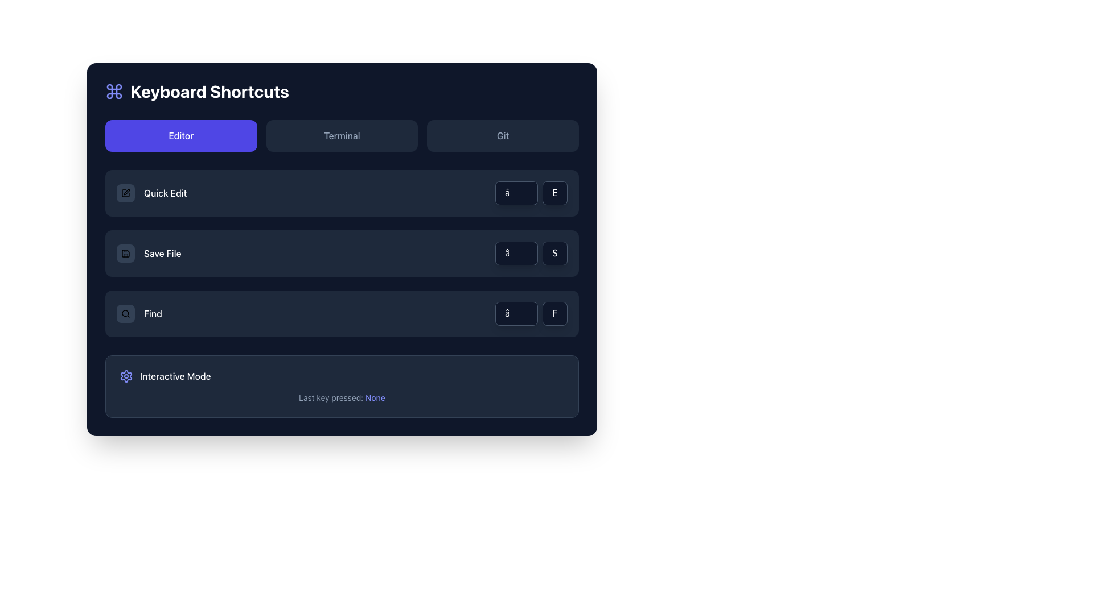 The width and height of the screenshot is (1093, 614). Describe the element at coordinates (125, 253) in the screenshot. I see `the 'Save File' icon, which is visually represented to indicate the save functionality and is located to the left of the text 'Save File.'` at that location.